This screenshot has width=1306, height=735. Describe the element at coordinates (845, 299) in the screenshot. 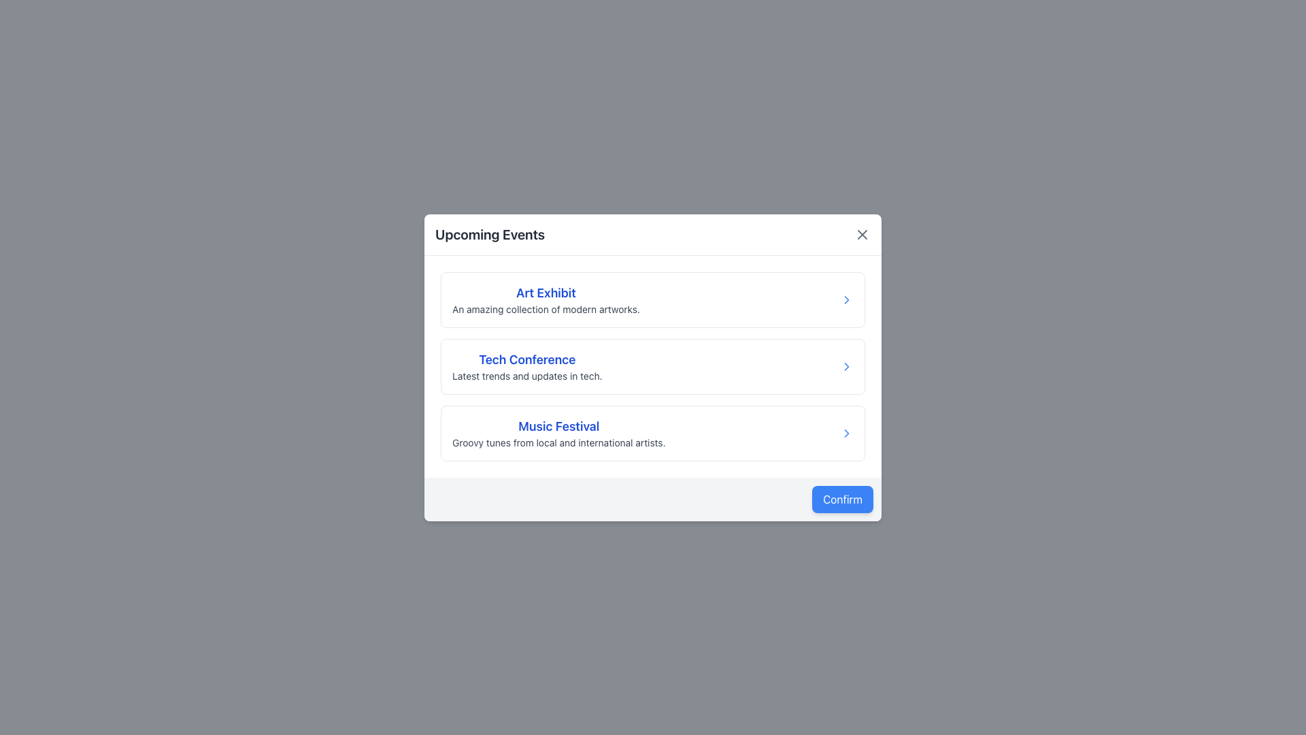

I see `the right-pointing blue arrow icon located at the topmost event card` at that location.